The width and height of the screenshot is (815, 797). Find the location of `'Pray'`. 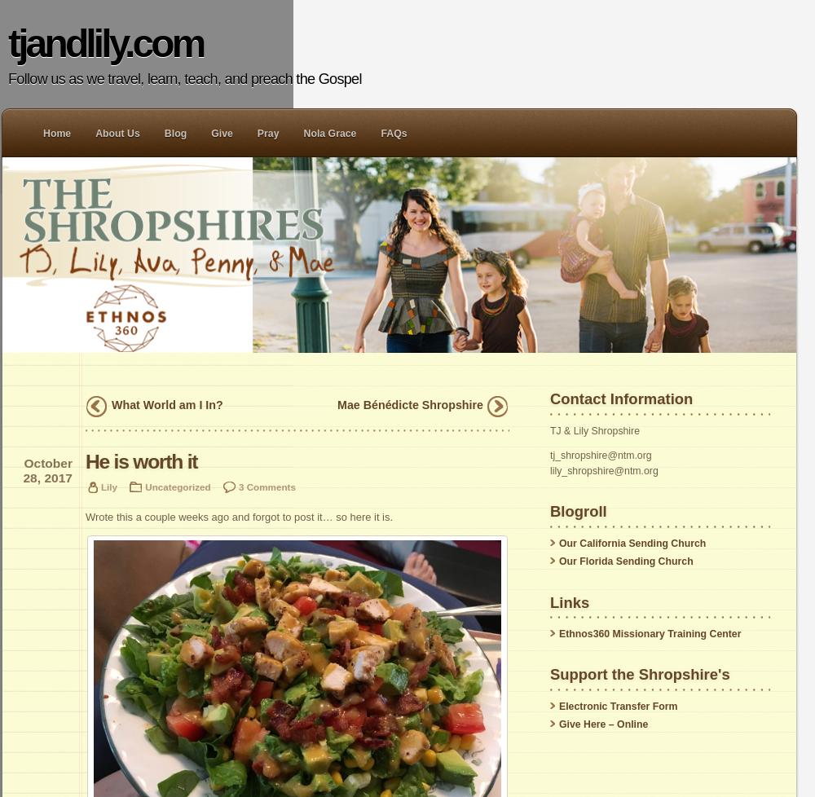

'Pray' is located at coordinates (267, 134).